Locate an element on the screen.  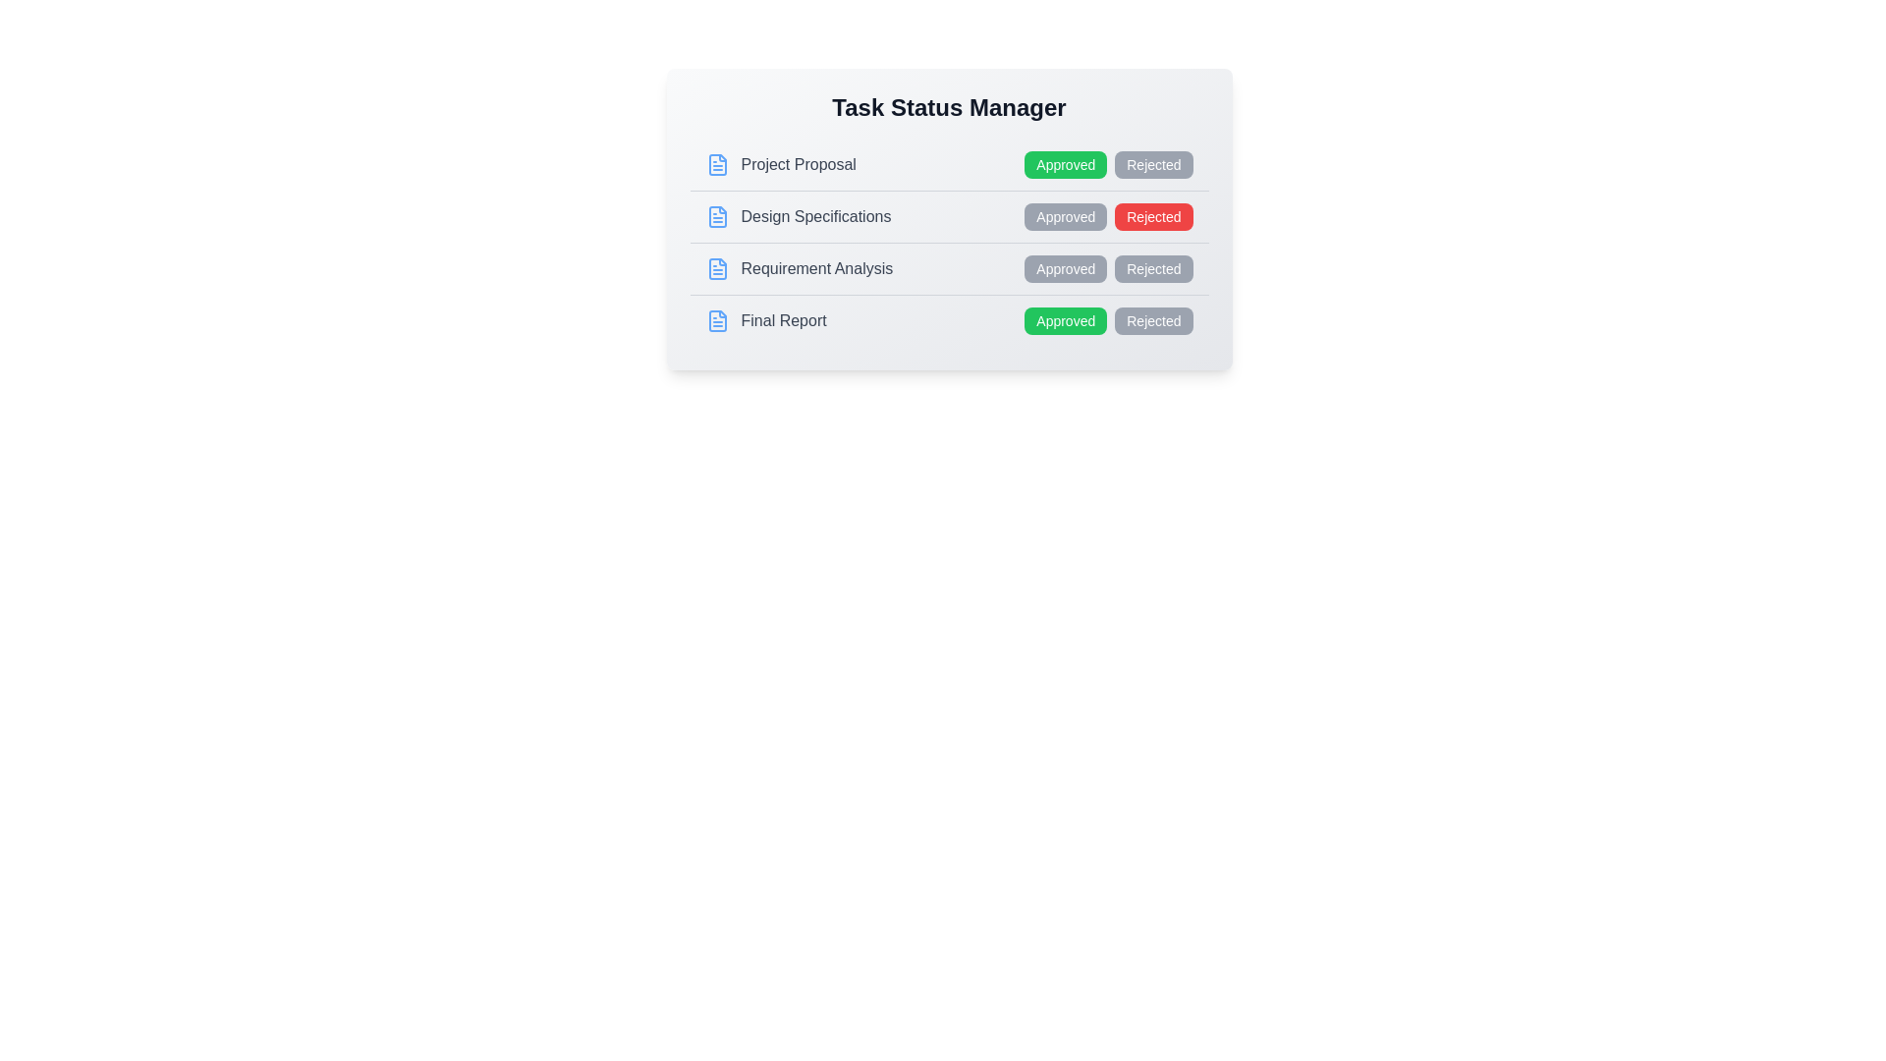
the 'Approved' button for the 'Project Proposal' item is located at coordinates (1065, 164).